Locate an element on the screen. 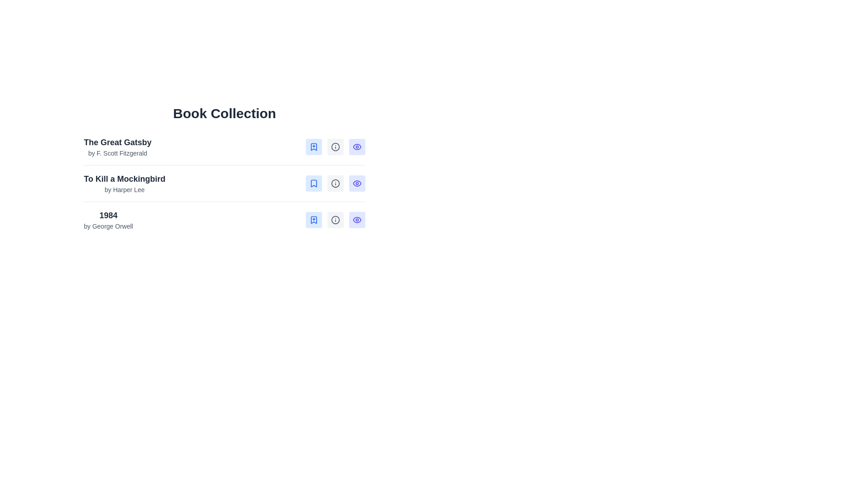 The height and width of the screenshot is (487, 866). the static text label displaying 'by George Orwell', which is located below the title '1984' in a book information list entry is located at coordinates (108, 225).